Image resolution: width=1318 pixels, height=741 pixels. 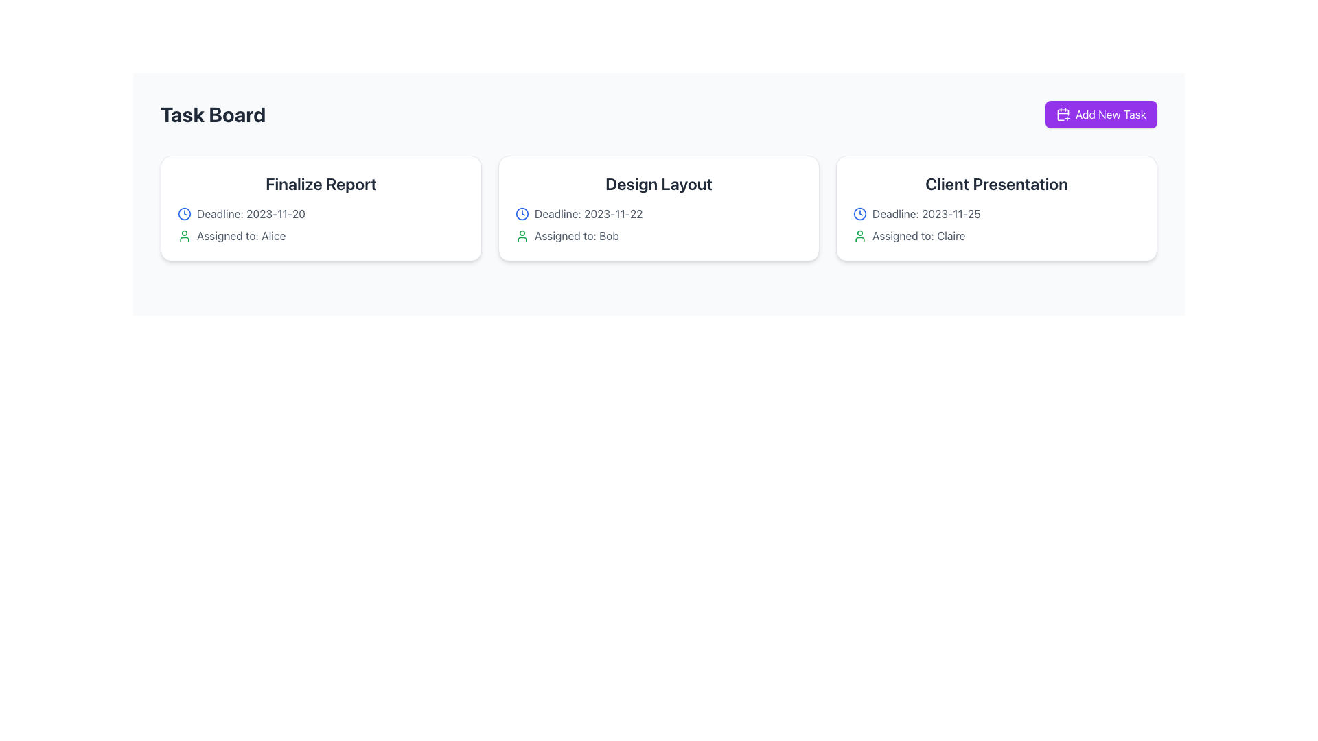 What do you see at coordinates (859, 235) in the screenshot?
I see `the user icon, which is a green outline of a person, located to the left of the text 'Assigned to: Claire' in the 'Client Presentation' card on the task board` at bounding box center [859, 235].